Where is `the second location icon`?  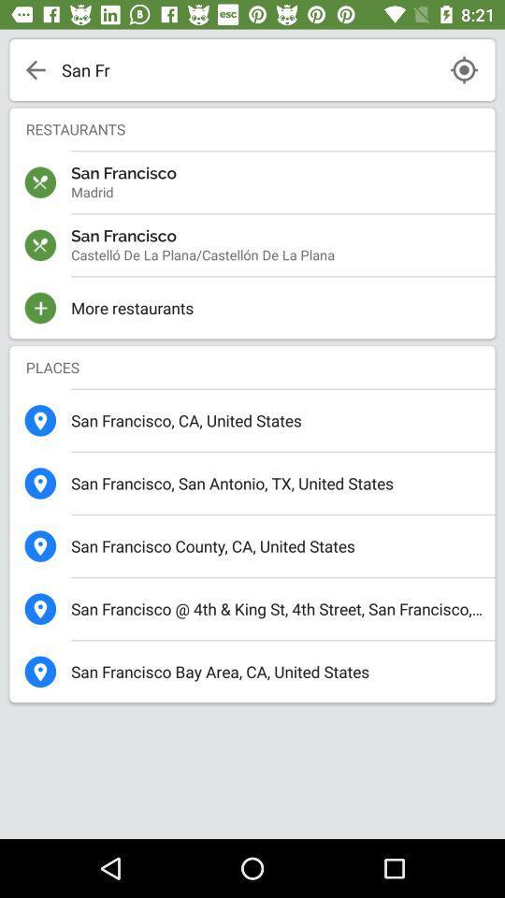
the second location icon is located at coordinates (40, 482).